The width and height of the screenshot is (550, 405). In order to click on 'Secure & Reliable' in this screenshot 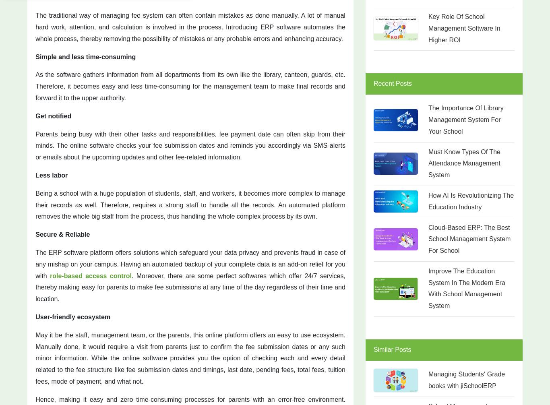, I will do `click(35, 234)`.